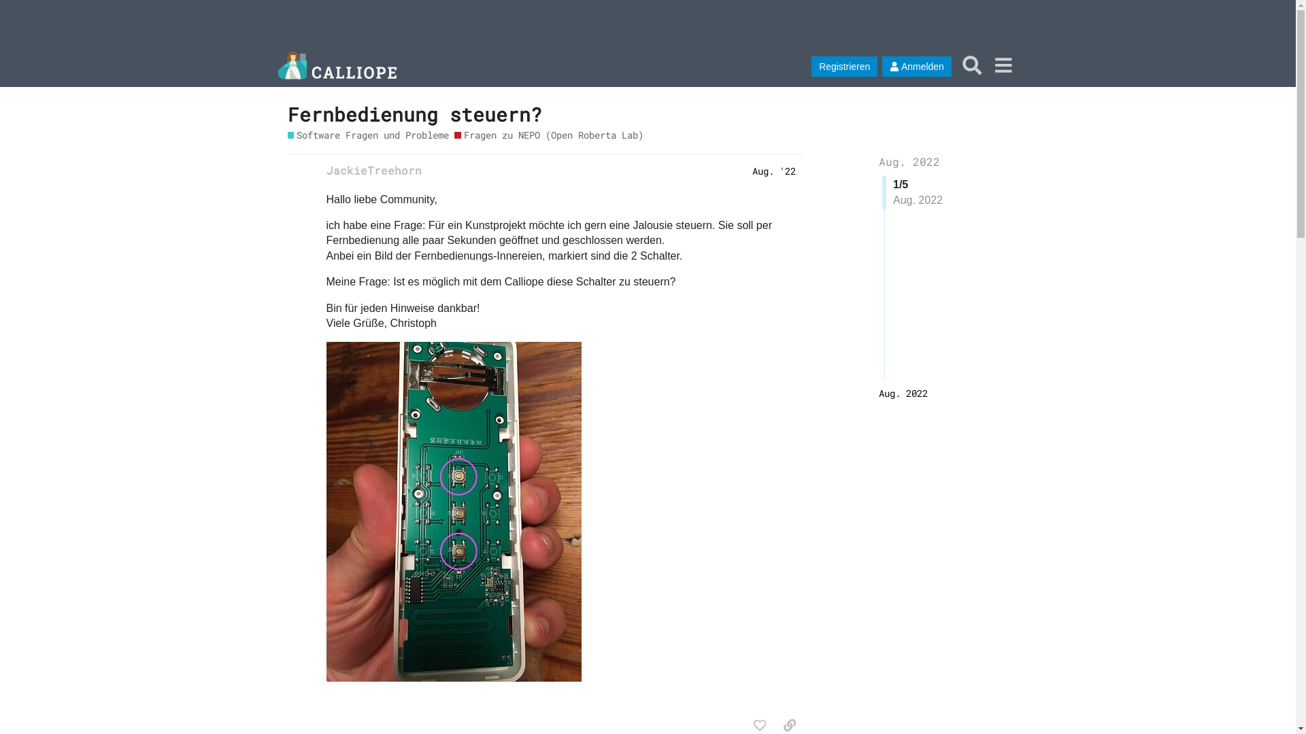 This screenshot has height=734, width=1306. Describe the element at coordinates (882, 66) in the screenshot. I see `'Anmelden'` at that location.